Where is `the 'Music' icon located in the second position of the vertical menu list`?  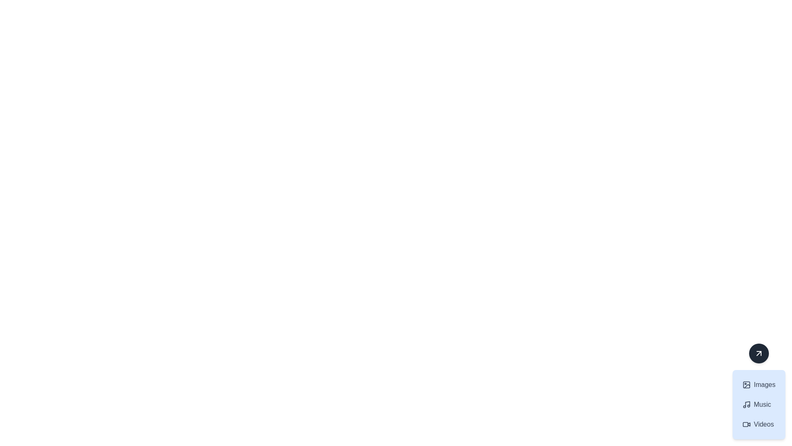 the 'Music' icon located in the second position of the vertical menu list is located at coordinates (746, 404).